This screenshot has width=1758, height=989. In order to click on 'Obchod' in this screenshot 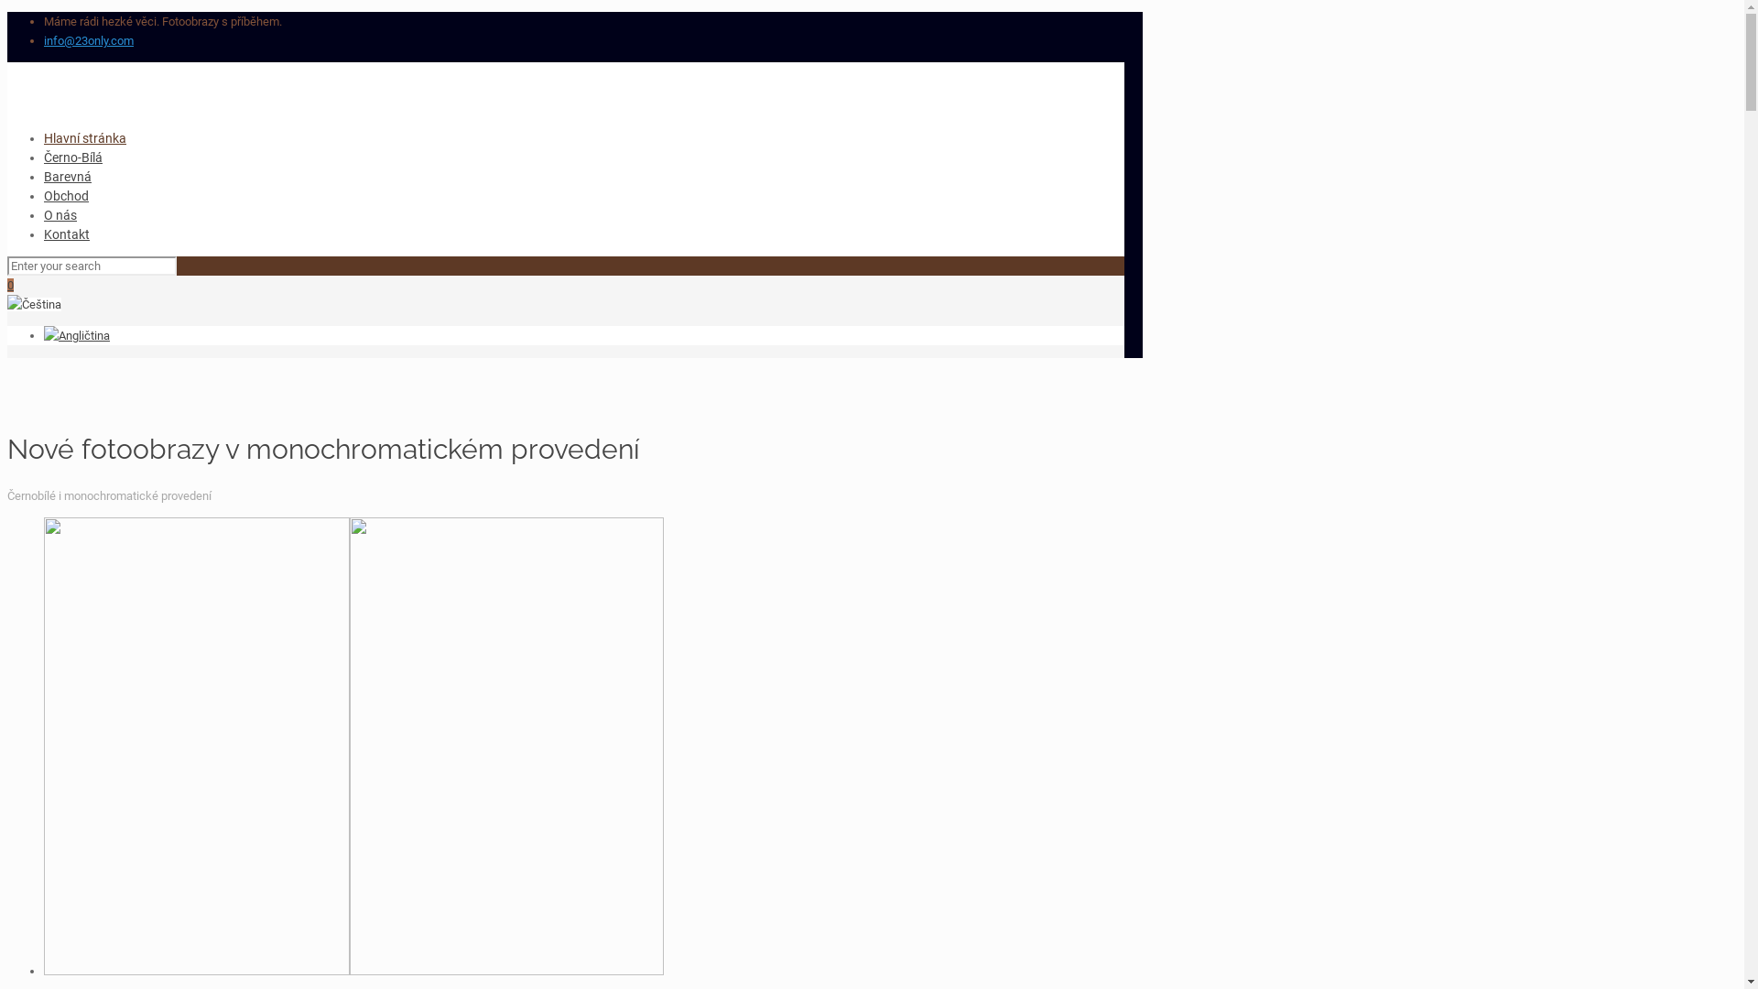, I will do `click(66, 195)`.